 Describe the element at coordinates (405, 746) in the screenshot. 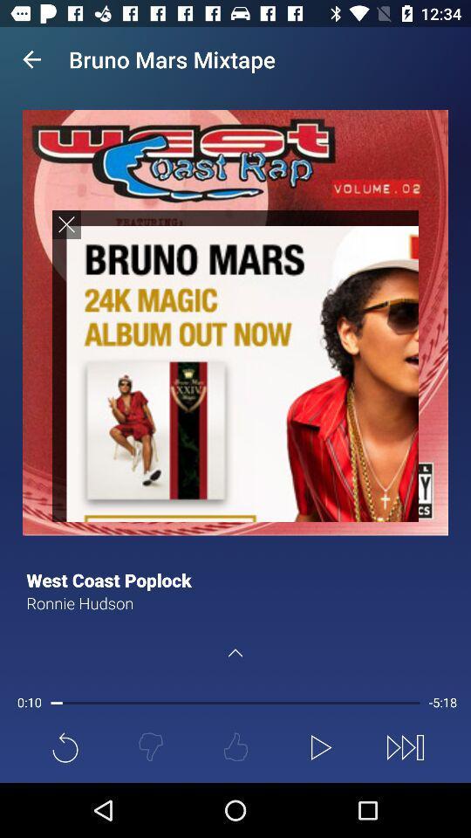

I see `the skip_next icon` at that location.